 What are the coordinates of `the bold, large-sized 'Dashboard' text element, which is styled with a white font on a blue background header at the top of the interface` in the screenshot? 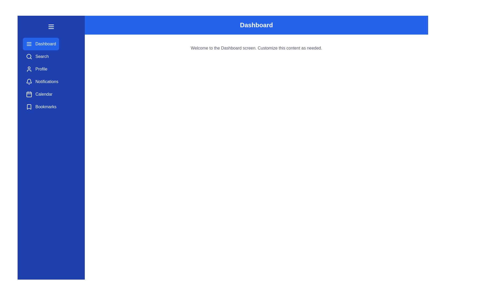 It's located at (256, 25).